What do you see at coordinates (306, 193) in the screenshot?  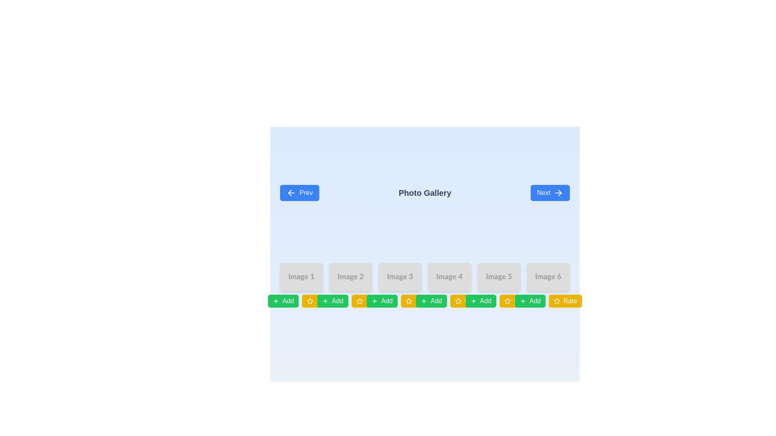 I see `the 'Prev' text label on the blue button with rounded edges` at bounding box center [306, 193].